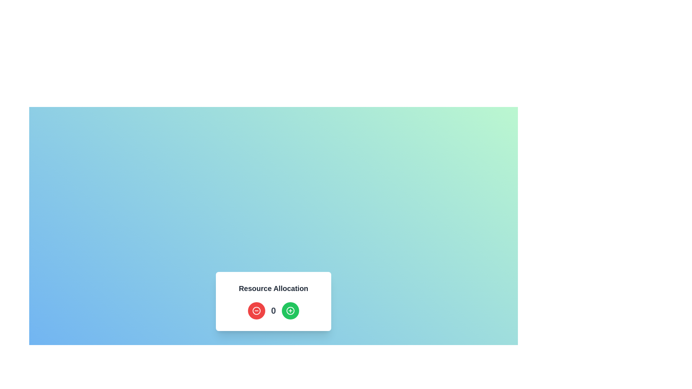 The image size is (692, 389). Describe the element at coordinates (273, 310) in the screenshot. I see `the bold gray numeric display located between the red circular button on the left and the green circular button on the right` at that location.